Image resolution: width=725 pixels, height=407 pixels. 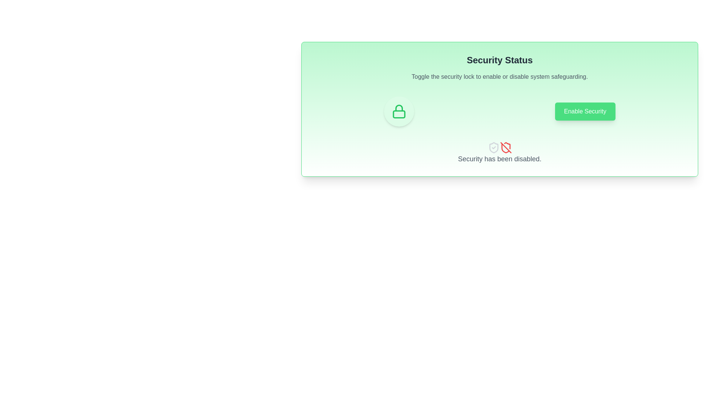 I want to click on the button on the right side of the 'Security Status' area, so click(x=585, y=112).